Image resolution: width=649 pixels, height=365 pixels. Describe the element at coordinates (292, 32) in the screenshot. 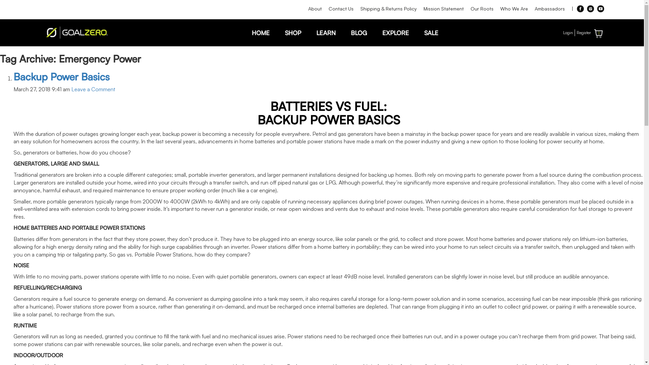

I see `'SHOP'` at that location.